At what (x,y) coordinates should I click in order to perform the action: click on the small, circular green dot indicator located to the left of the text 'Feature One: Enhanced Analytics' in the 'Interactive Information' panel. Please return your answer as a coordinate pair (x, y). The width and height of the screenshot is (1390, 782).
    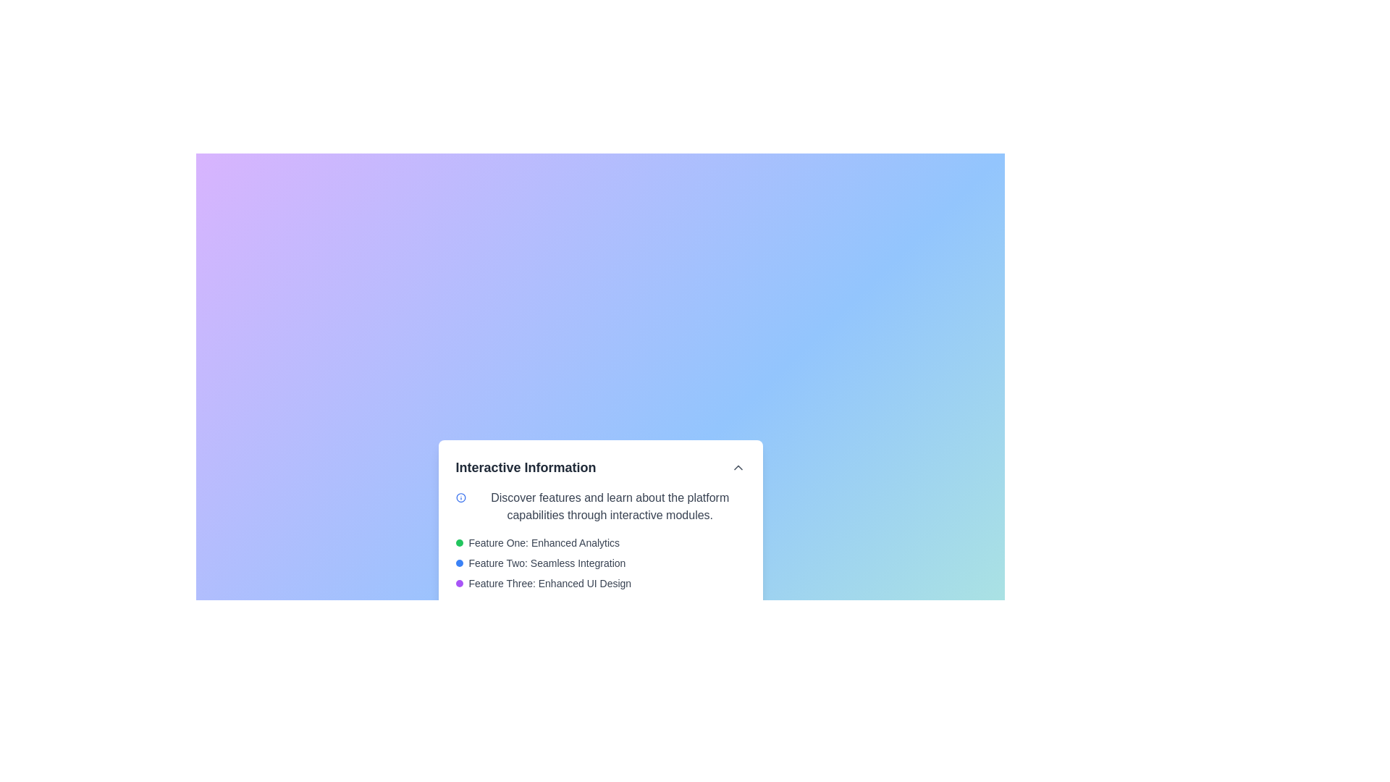
    Looking at the image, I should click on (458, 542).